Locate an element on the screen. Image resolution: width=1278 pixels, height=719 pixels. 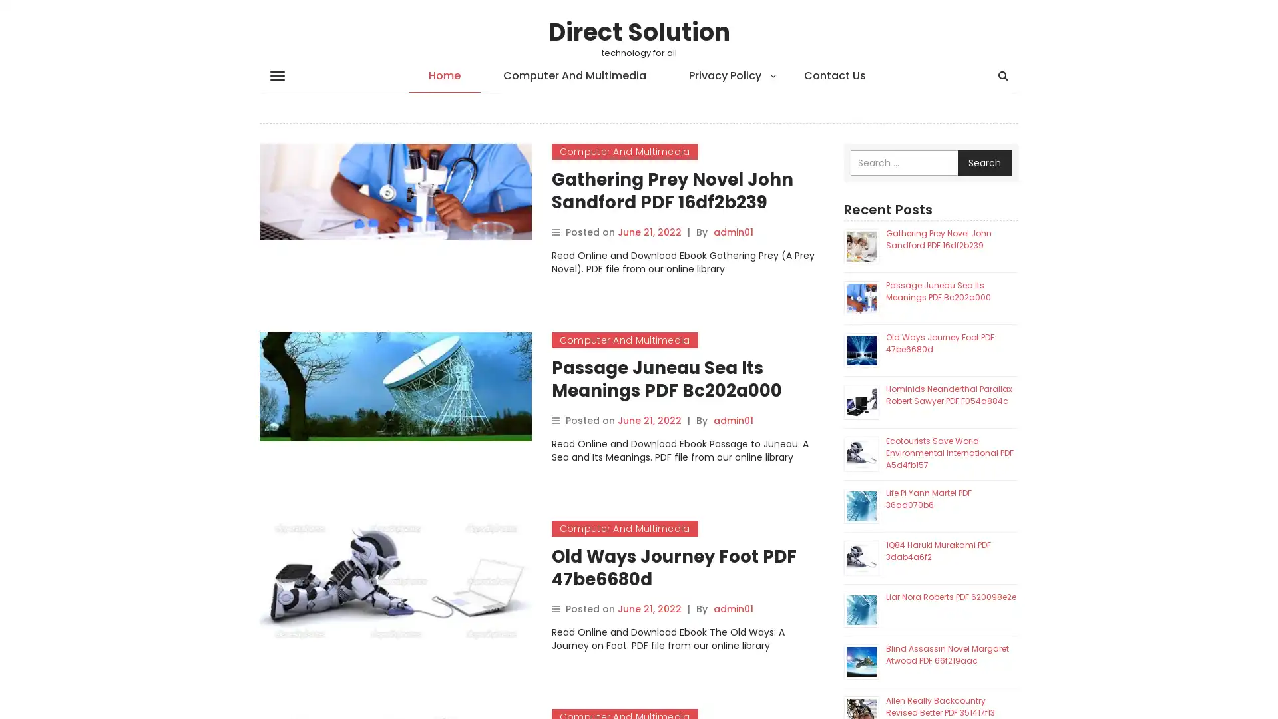
Search is located at coordinates (984, 162).